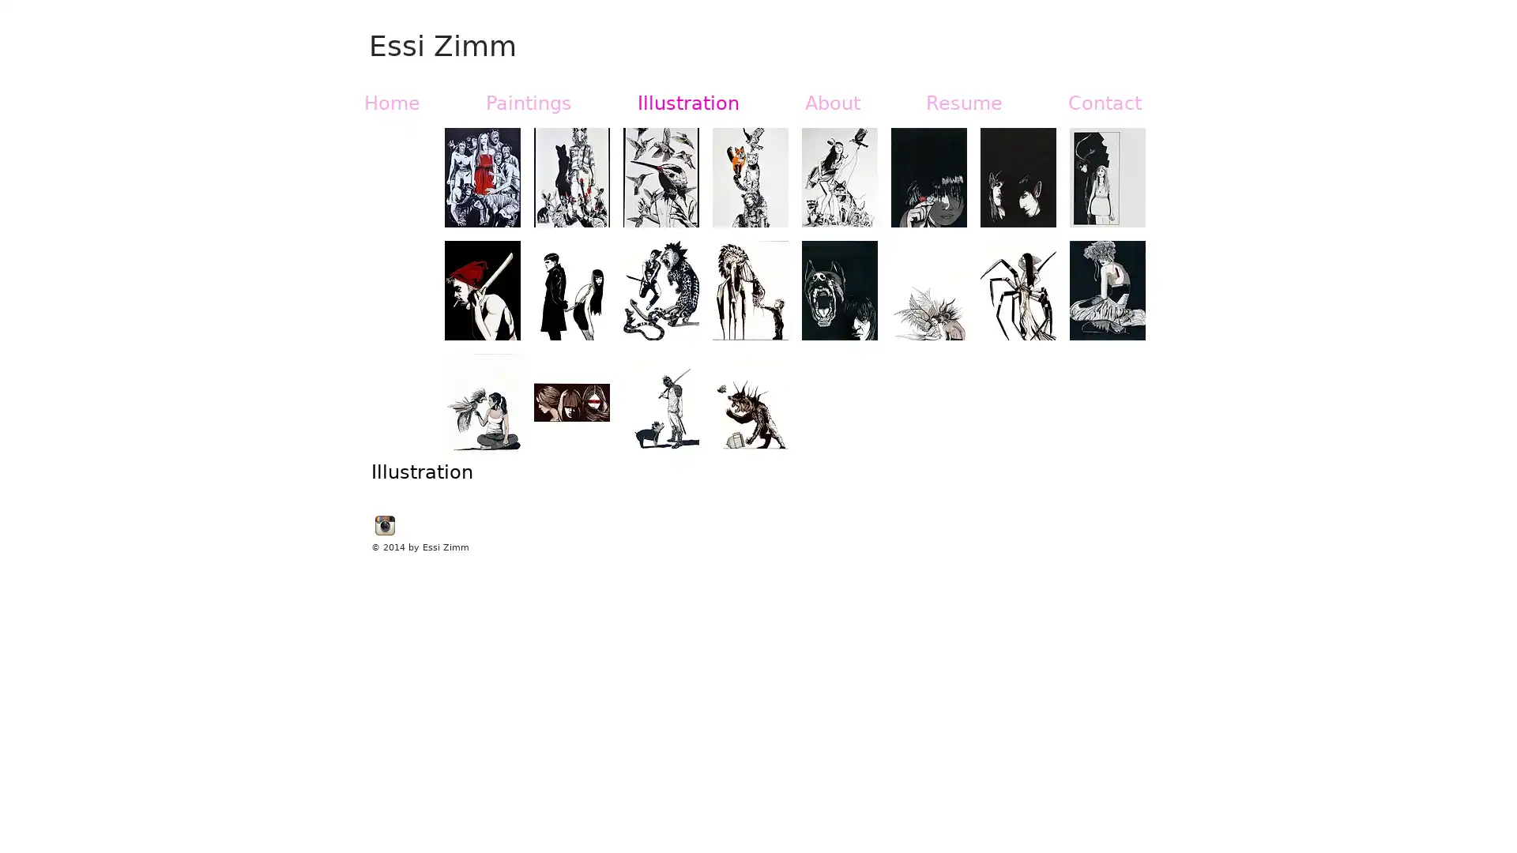 This screenshot has width=1517, height=853. I want to click on next, so click(1111, 303).